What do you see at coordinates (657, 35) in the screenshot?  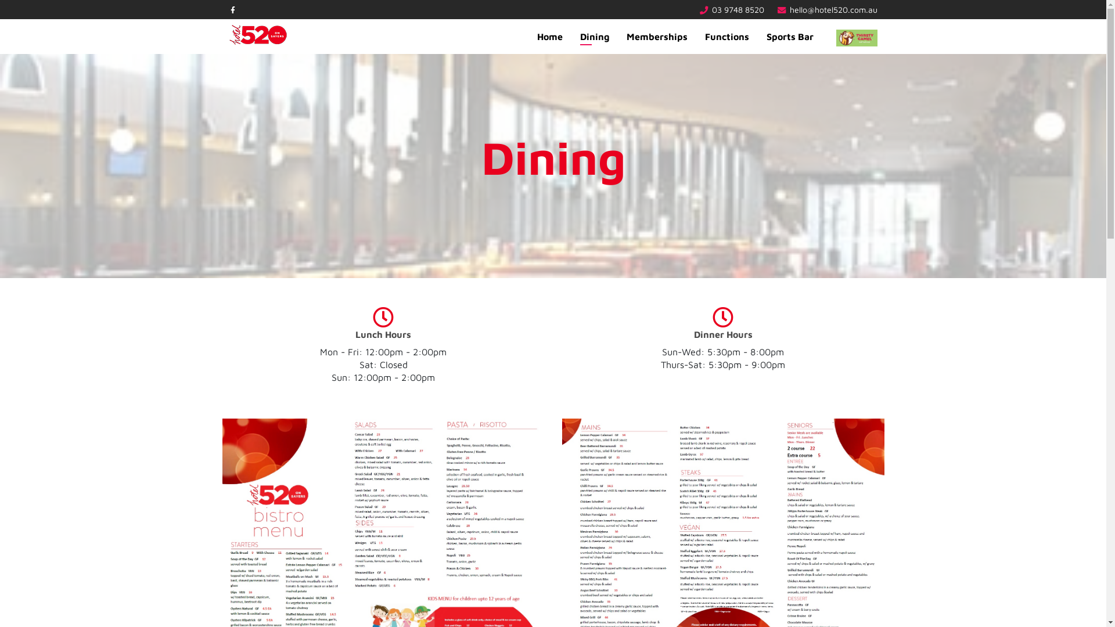 I see `'Memberships'` at bounding box center [657, 35].